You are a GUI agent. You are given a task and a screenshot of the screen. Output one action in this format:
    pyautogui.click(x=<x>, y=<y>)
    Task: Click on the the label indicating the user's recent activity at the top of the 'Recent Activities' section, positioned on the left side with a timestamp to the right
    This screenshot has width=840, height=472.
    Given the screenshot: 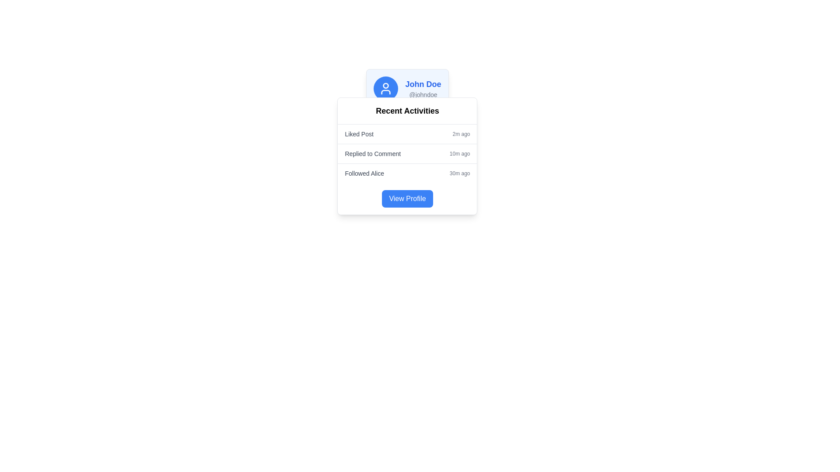 What is the action you would take?
    pyautogui.click(x=359, y=134)
    